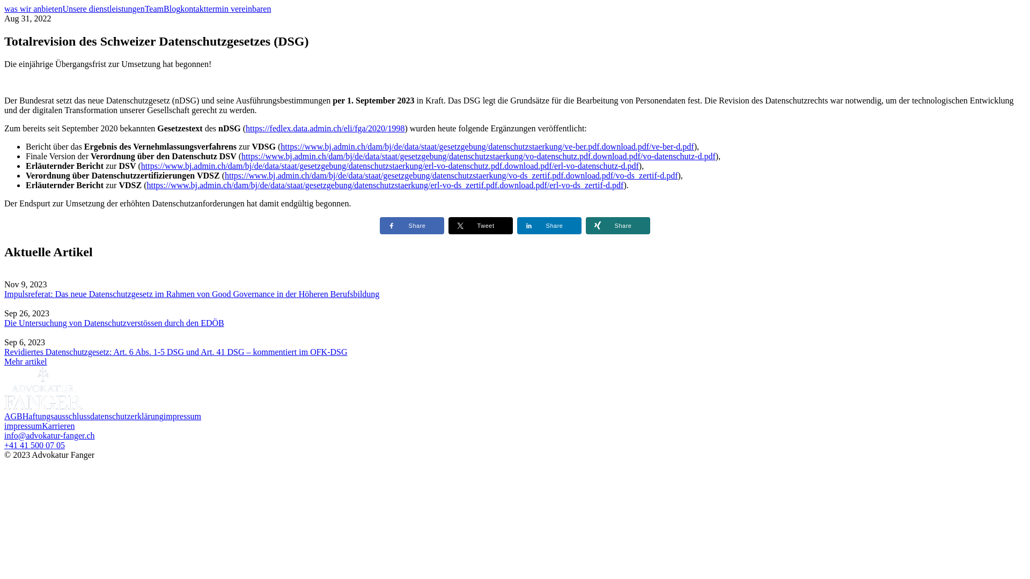 Image resolution: width=1030 pixels, height=579 pixels. What do you see at coordinates (23, 425) in the screenshot?
I see `'impressum'` at bounding box center [23, 425].